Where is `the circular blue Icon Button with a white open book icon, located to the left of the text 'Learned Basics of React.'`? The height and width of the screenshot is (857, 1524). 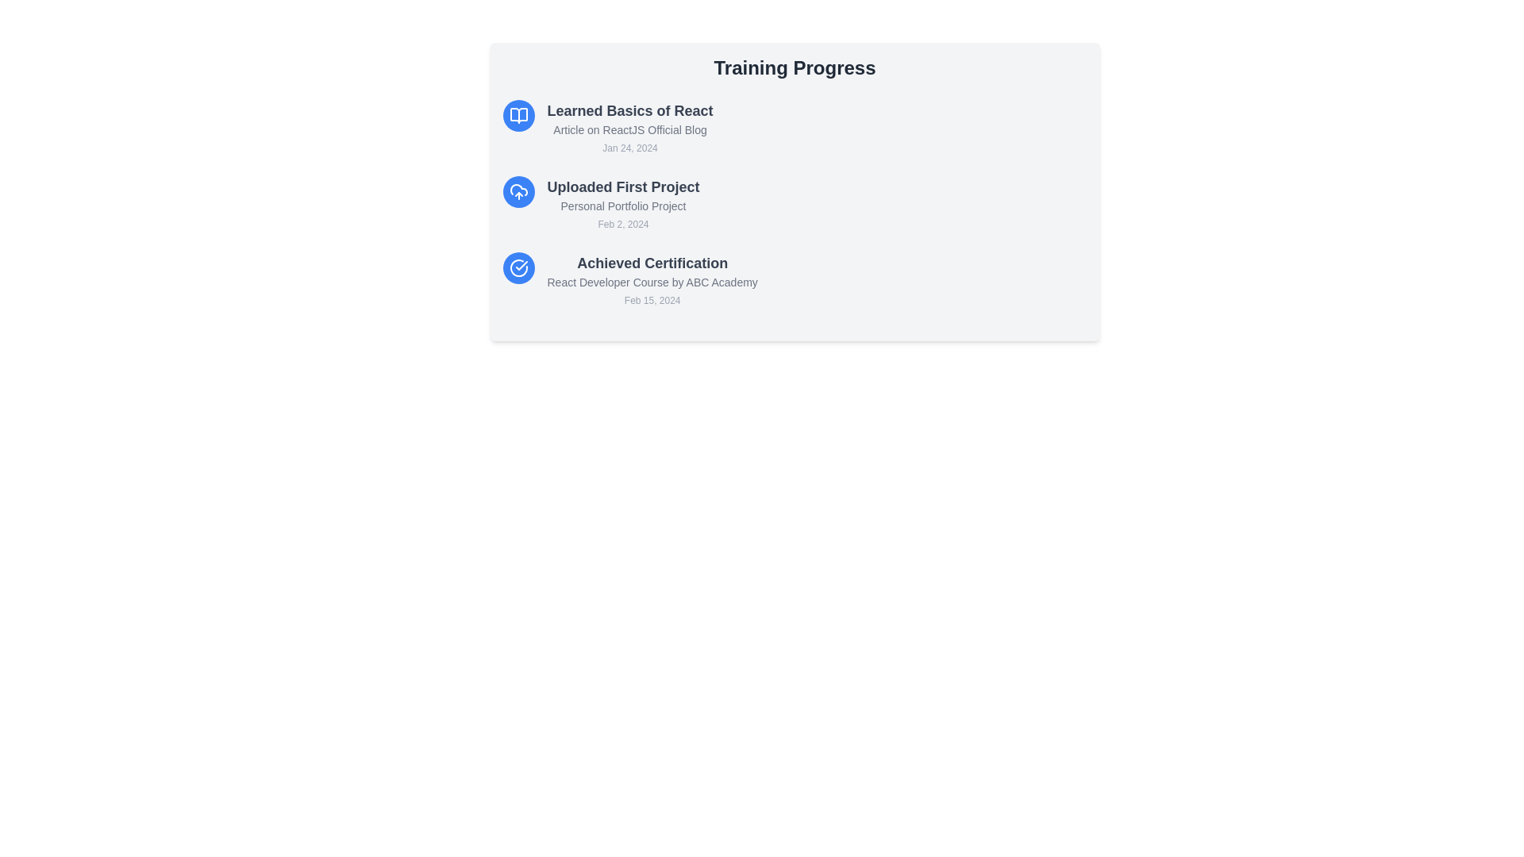
the circular blue Icon Button with a white open book icon, located to the left of the text 'Learned Basics of React.' is located at coordinates (518, 115).